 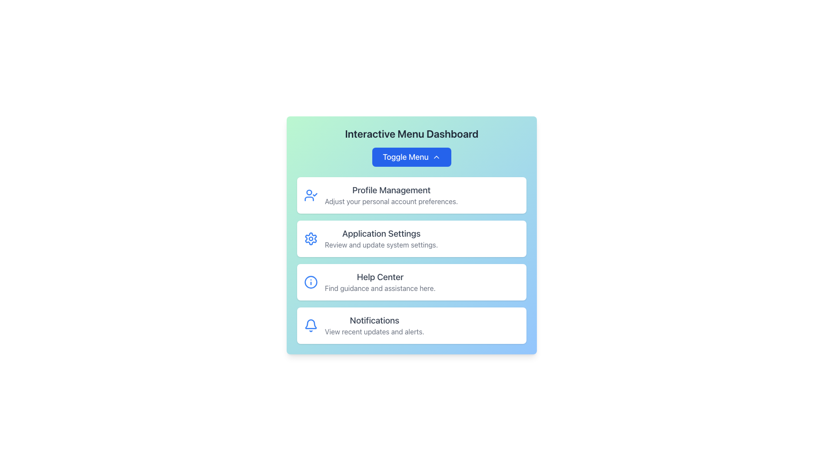 I want to click on the second interactive card element in the vertical list, which provides access to application settings, so click(x=411, y=239).